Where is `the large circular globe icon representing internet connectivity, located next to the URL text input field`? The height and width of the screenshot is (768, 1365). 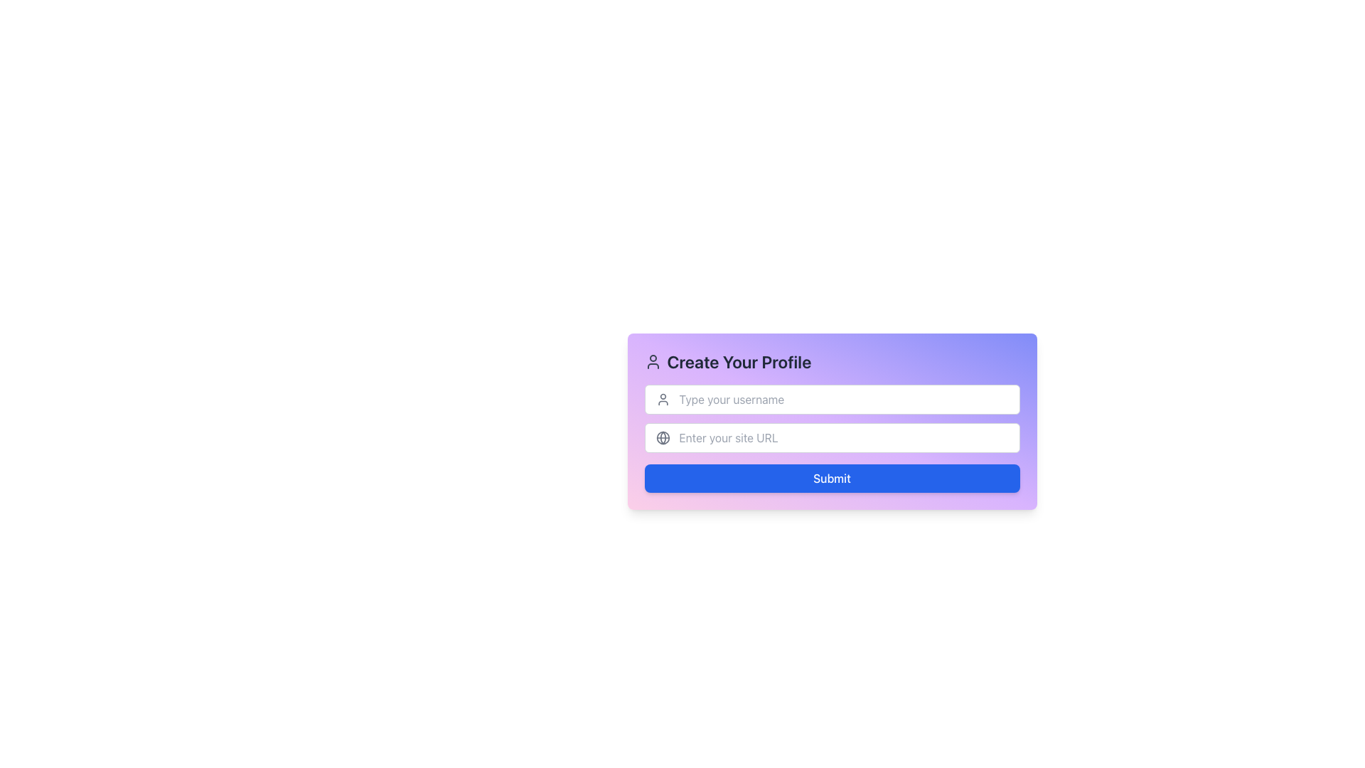 the large circular globe icon representing internet connectivity, located next to the URL text input field is located at coordinates (662, 437).